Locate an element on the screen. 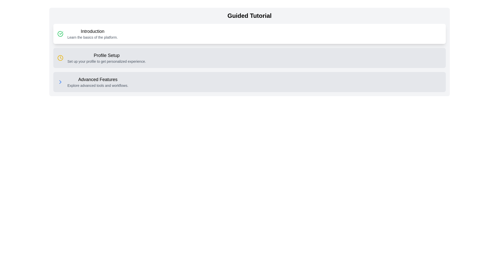 This screenshot has width=483, height=271. descriptive text block in the third section of the guided tutorial interface that combines a title and a subtitle, serving as an entry point to explore advanced tools and workflows is located at coordinates (98, 82).